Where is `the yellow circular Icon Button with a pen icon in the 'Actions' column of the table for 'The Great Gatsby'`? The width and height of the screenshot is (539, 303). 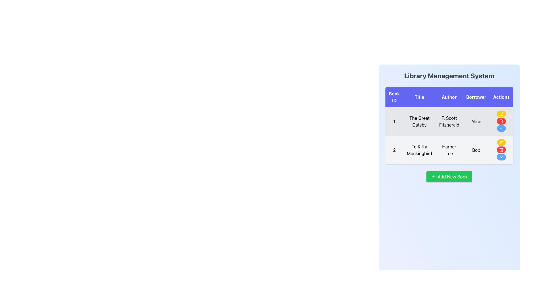
the yellow circular Icon Button with a pen icon in the 'Actions' column of the table for 'The Great Gatsby' is located at coordinates (501, 114).